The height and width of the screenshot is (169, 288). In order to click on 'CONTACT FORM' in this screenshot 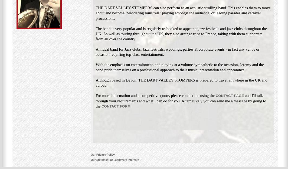, I will do `click(116, 106)`.